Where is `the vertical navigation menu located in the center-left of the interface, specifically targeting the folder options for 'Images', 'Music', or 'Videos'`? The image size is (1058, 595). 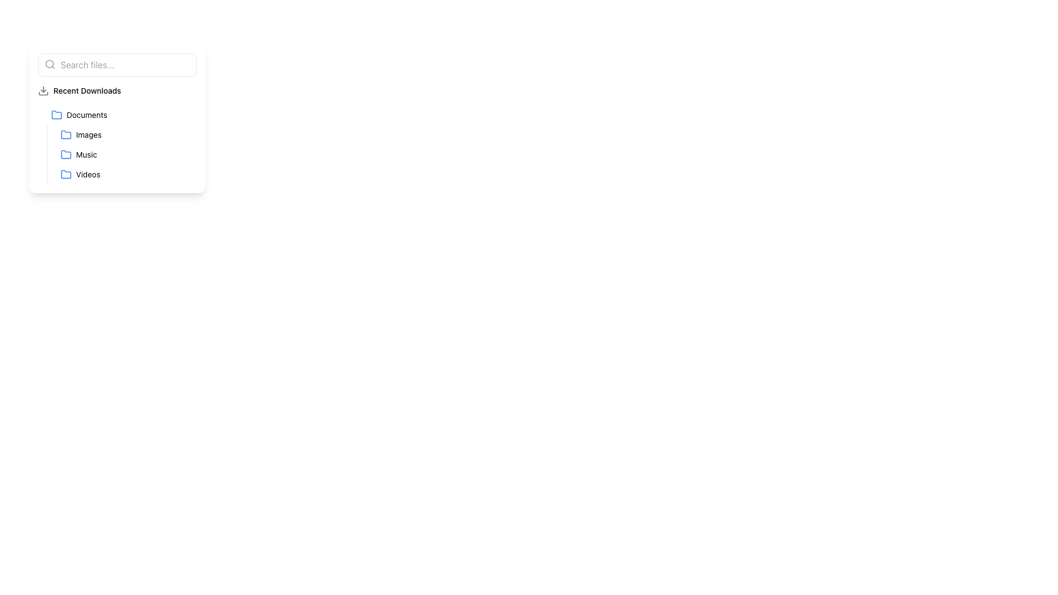 the vertical navigation menu located in the center-left of the interface, specifically targeting the folder options for 'Images', 'Music', or 'Videos' is located at coordinates (121, 155).